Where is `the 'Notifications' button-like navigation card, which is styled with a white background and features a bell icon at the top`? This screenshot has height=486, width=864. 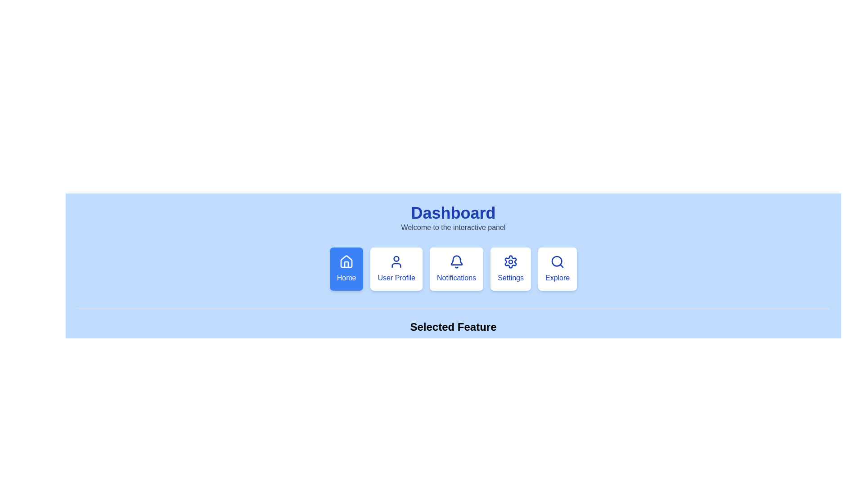
the 'Notifications' button-like navigation card, which is styled with a white background and features a bell icon at the top is located at coordinates (456, 268).